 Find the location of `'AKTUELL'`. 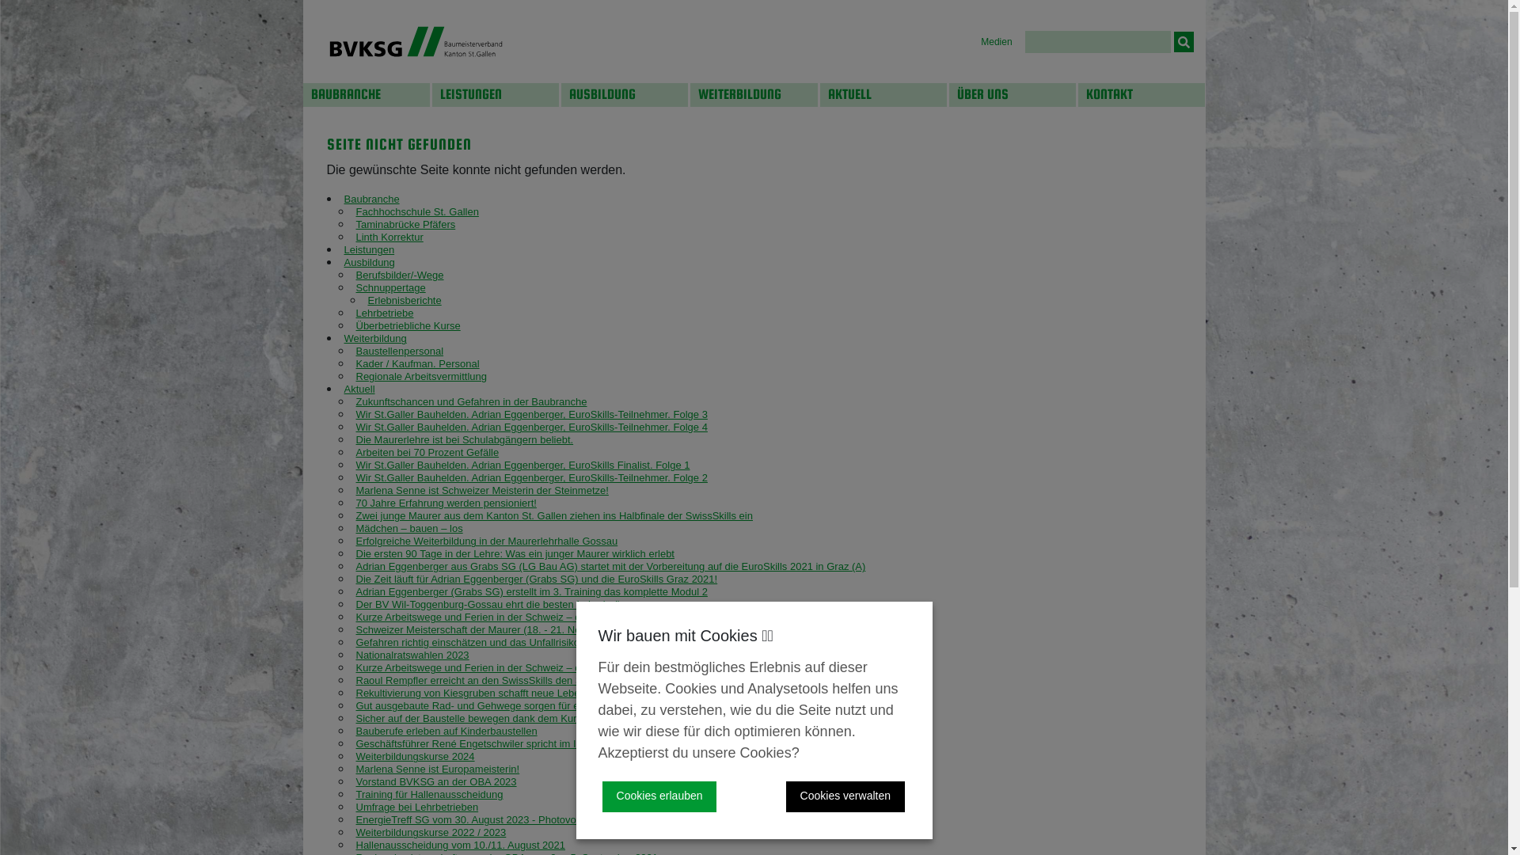

'AKTUELL' is located at coordinates (883, 94).